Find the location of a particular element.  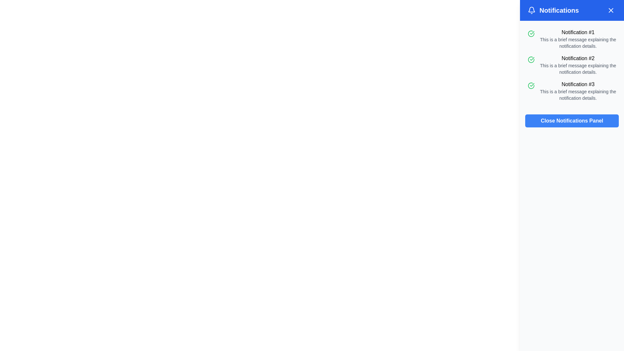

the notification entry at the top of the notifications panel is located at coordinates (572, 39).